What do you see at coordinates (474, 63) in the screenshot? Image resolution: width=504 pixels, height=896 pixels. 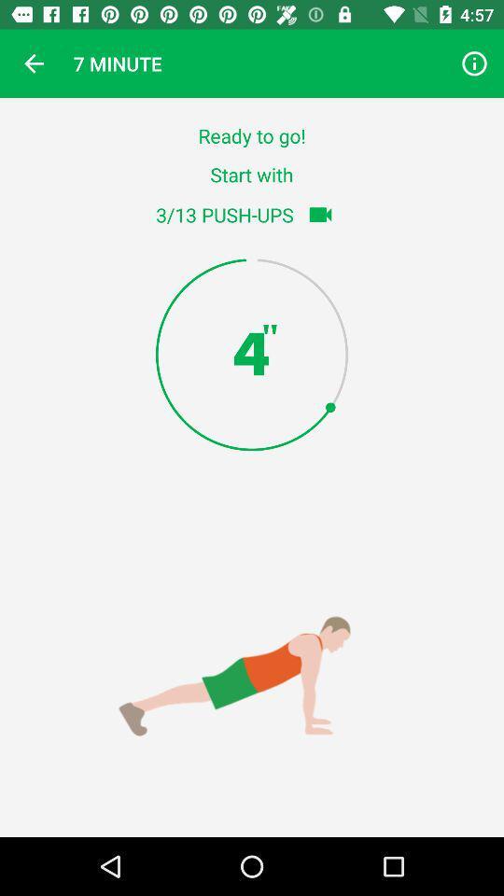 I see `item next to 7 minute item` at bounding box center [474, 63].